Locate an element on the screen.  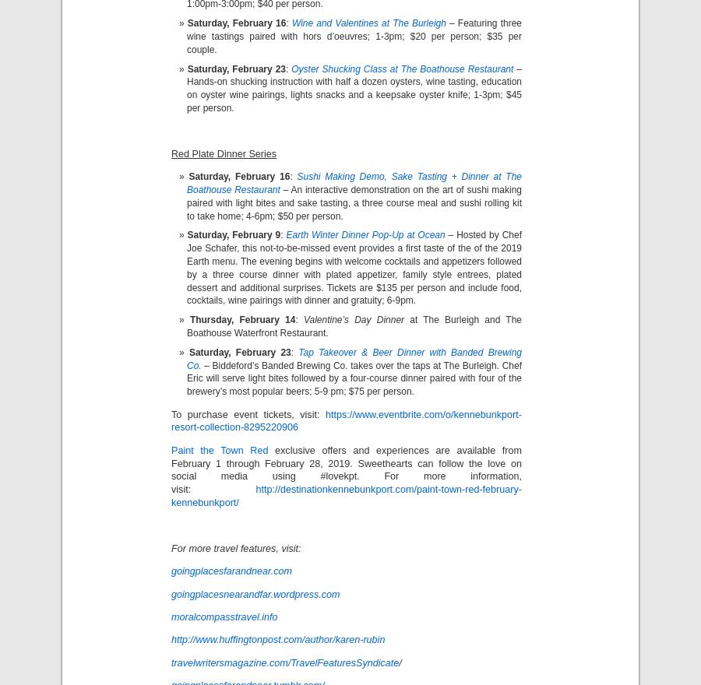
'Sushi Making Demo, Sake Tasting + Dinner at The Boathouse Restaurant' is located at coordinates (186, 182).